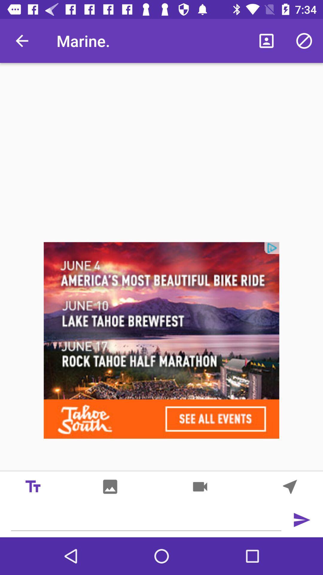 This screenshot has height=575, width=323. Describe the element at coordinates (200, 487) in the screenshot. I see `record video` at that location.